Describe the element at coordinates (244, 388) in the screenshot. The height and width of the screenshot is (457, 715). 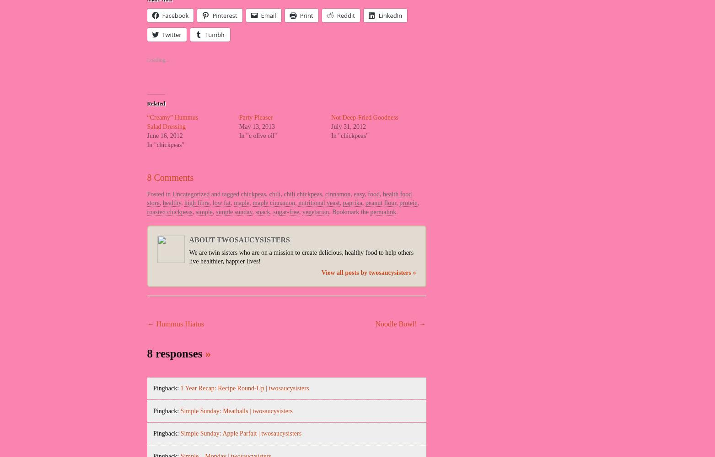
I see `'1 Year Recap: Recipe Round-Up | twosaucysisters'` at that location.